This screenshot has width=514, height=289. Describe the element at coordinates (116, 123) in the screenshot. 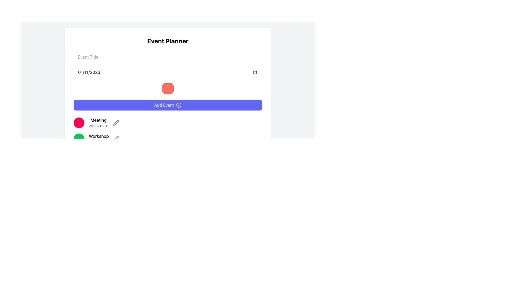

I see `the edit icon, which resembles a pen and is located to the right of the 'Meeting 2023-11-01' label` at that location.